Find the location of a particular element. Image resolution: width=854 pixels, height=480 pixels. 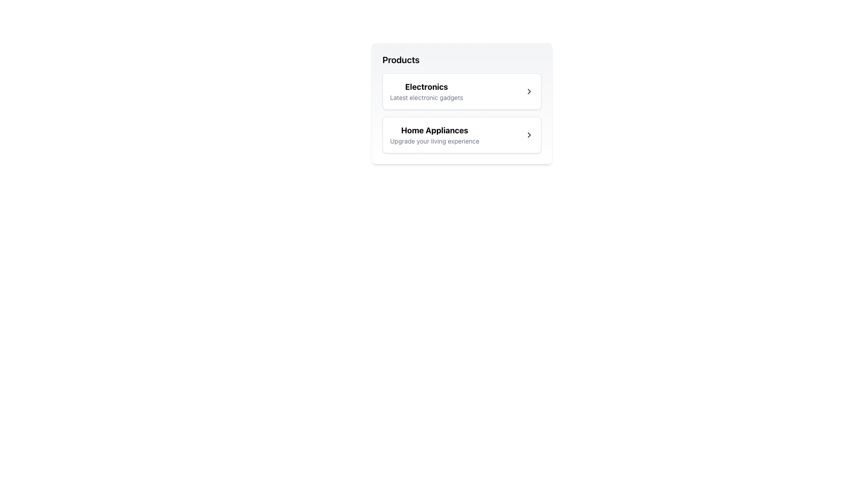

the 'Home Appliances' Navigation Link, which features bold text above a smaller gray subtitle is located at coordinates (435, 135).